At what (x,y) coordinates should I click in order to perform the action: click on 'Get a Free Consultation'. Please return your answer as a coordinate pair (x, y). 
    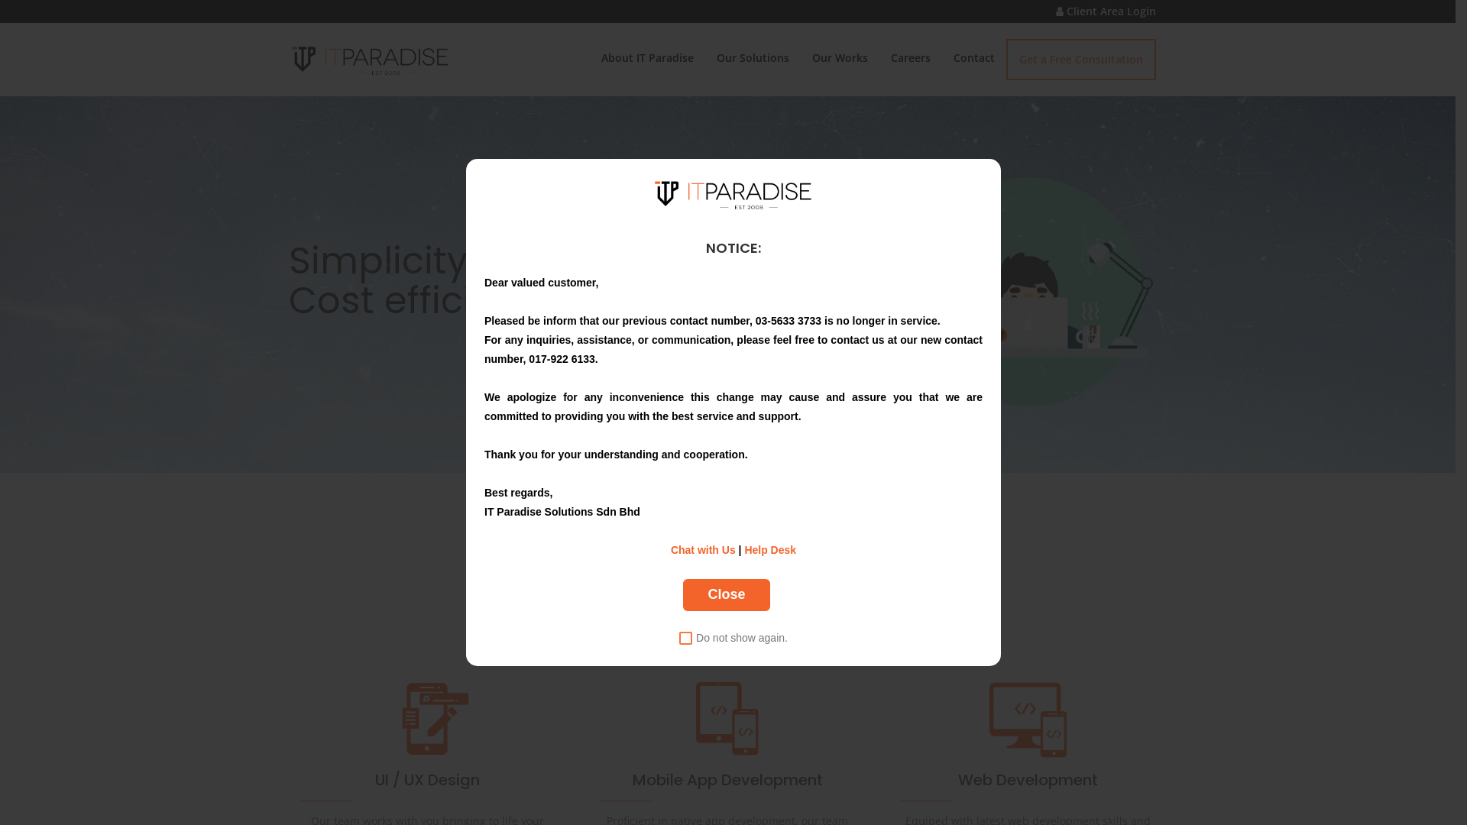
    Looking at the image, I should click on (1080, 58).